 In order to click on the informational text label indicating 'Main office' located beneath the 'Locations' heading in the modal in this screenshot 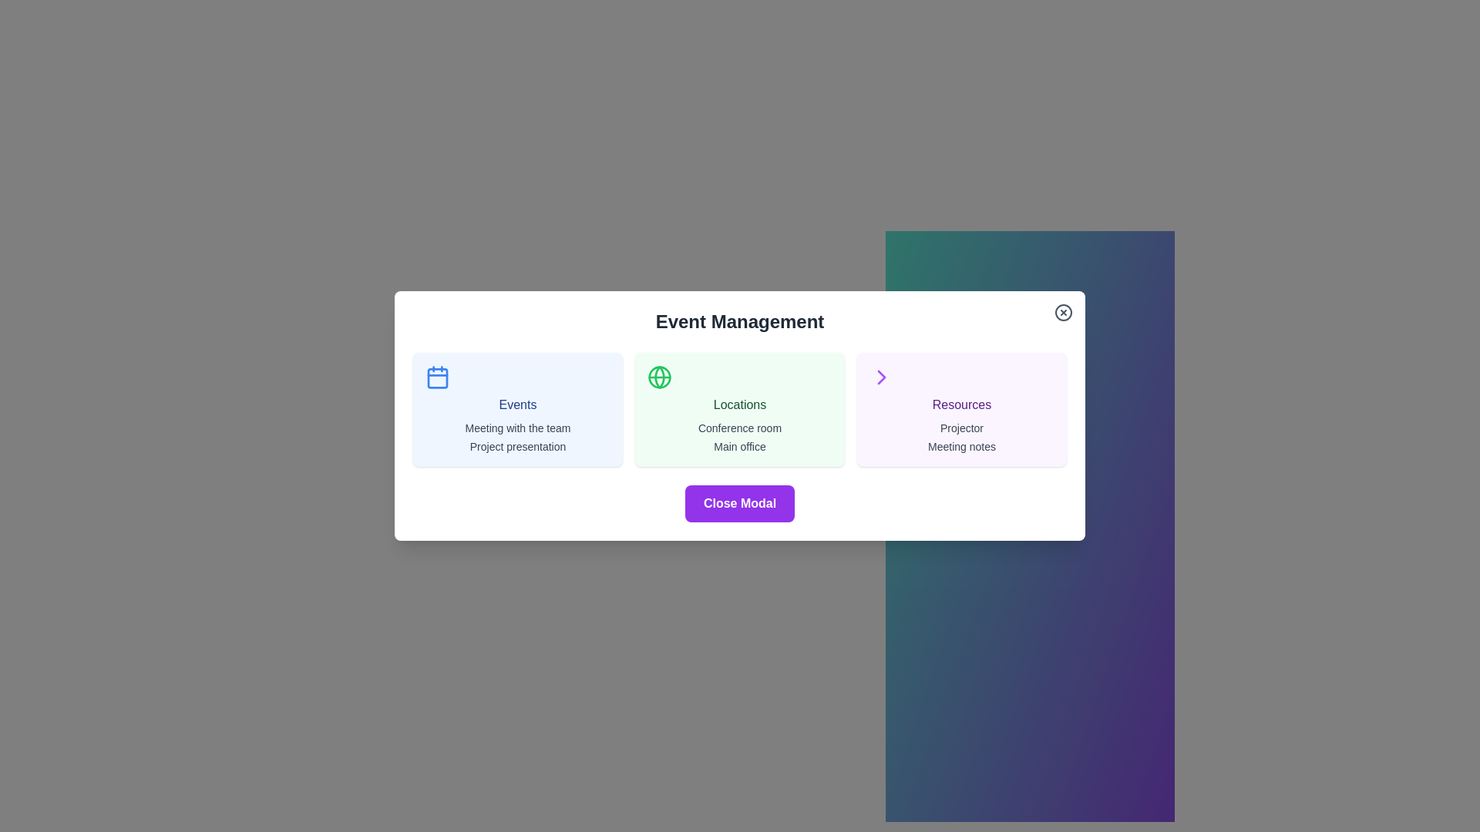, I will do `click(740, 446)`.